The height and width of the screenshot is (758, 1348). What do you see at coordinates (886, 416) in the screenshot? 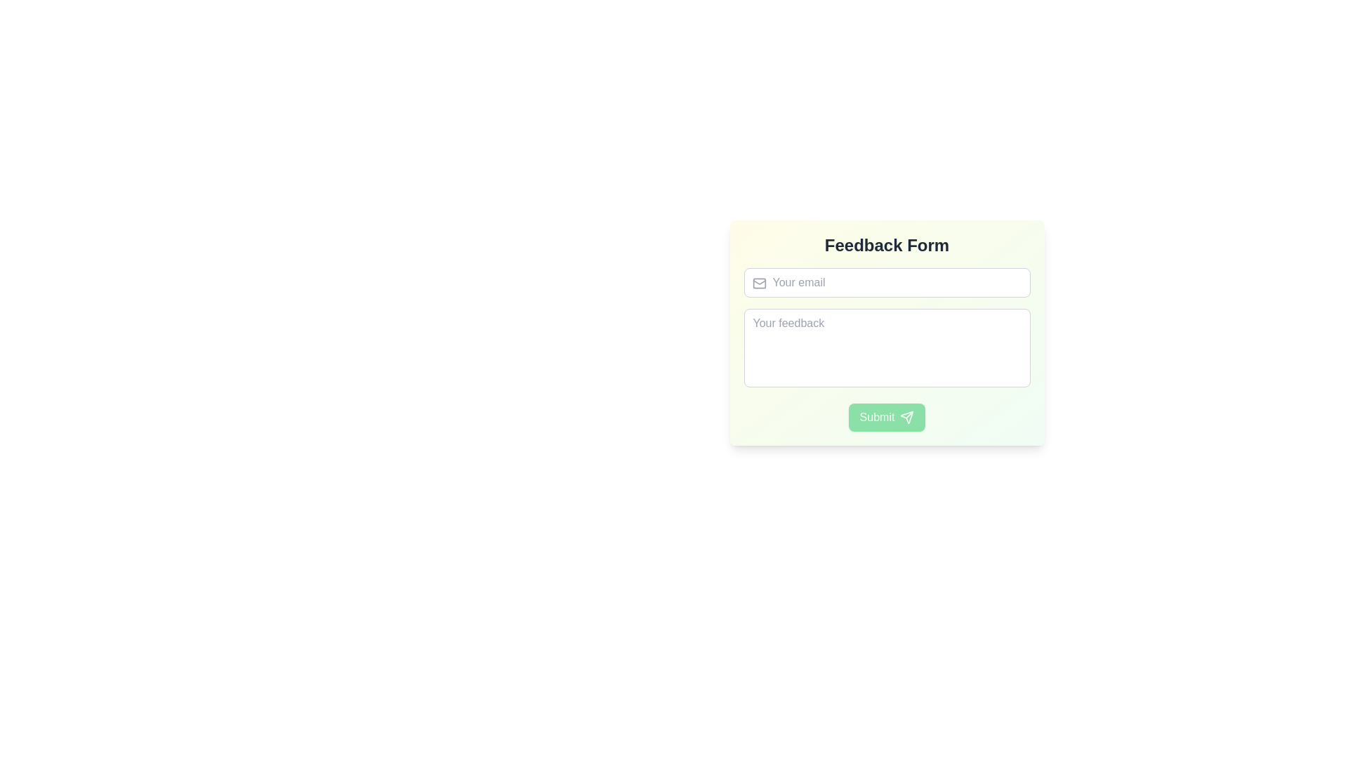
I see `the green rectangular 'Submit' button with a white paper plane icon` at bounding box center [886, 416].